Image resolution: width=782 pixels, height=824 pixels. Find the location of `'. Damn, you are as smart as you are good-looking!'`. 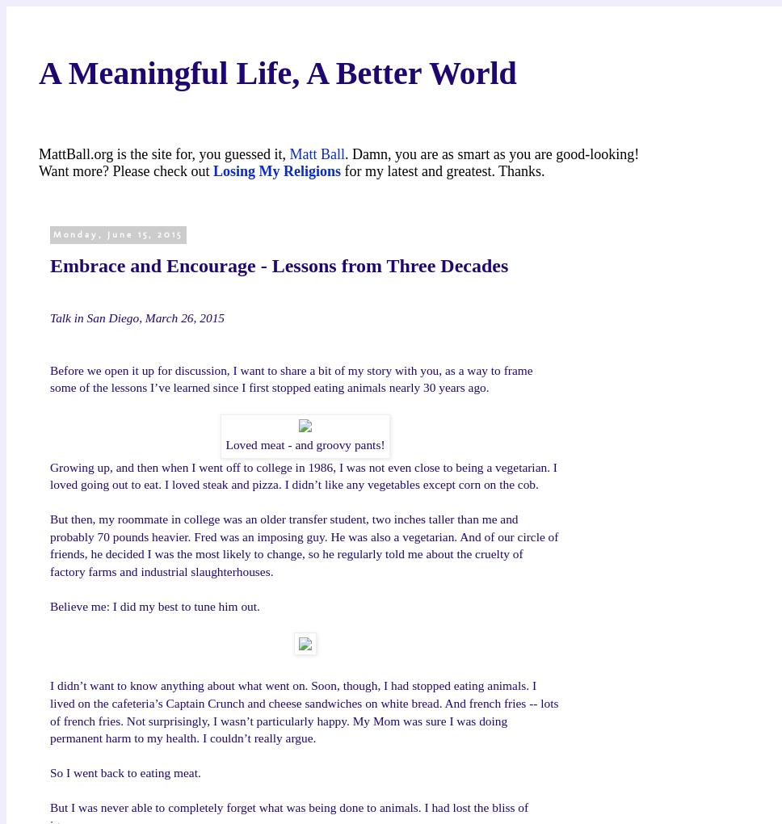

'. Damn, you are as smart as you are good-looking!' is located at coordinates (344, 153).